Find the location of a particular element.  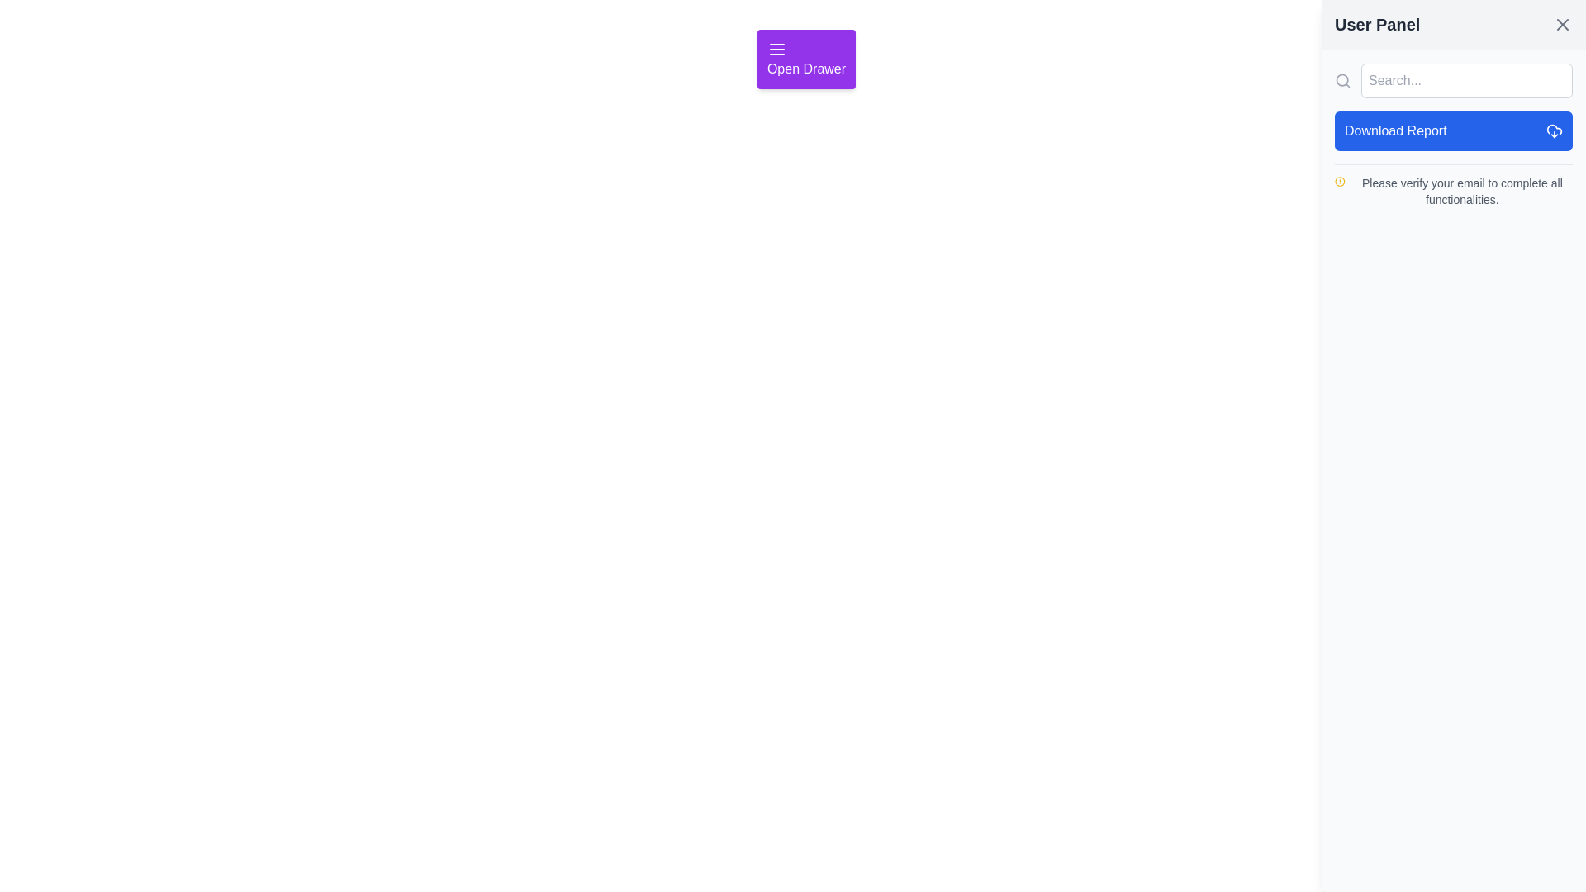

the circular shape part of the icon located in the right sidebar near the top-right corner of the user interface, which has a yellow outline and is associated with email verification is located at coordinates (1340, 181).